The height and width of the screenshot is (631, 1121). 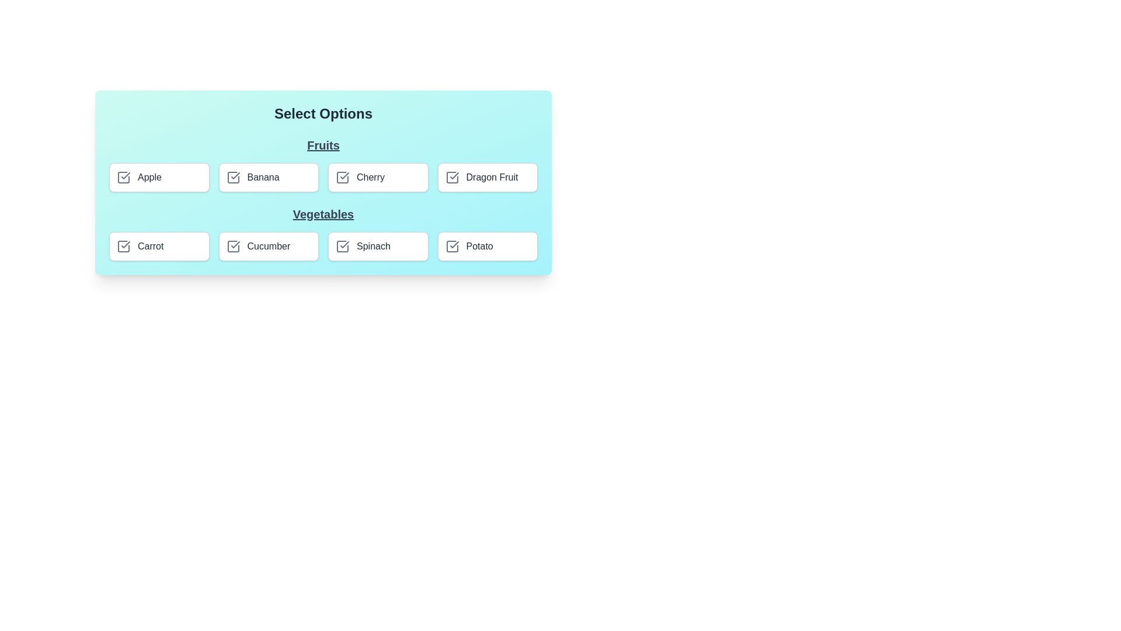 What do you see at coordinates (323, 145) in the screenshot?
I see `the 'Fruits' label, which is bold, underlined, and dark gray, positioned below the 'Select Options' header and above fruit options` at bounding box center [323, 145].